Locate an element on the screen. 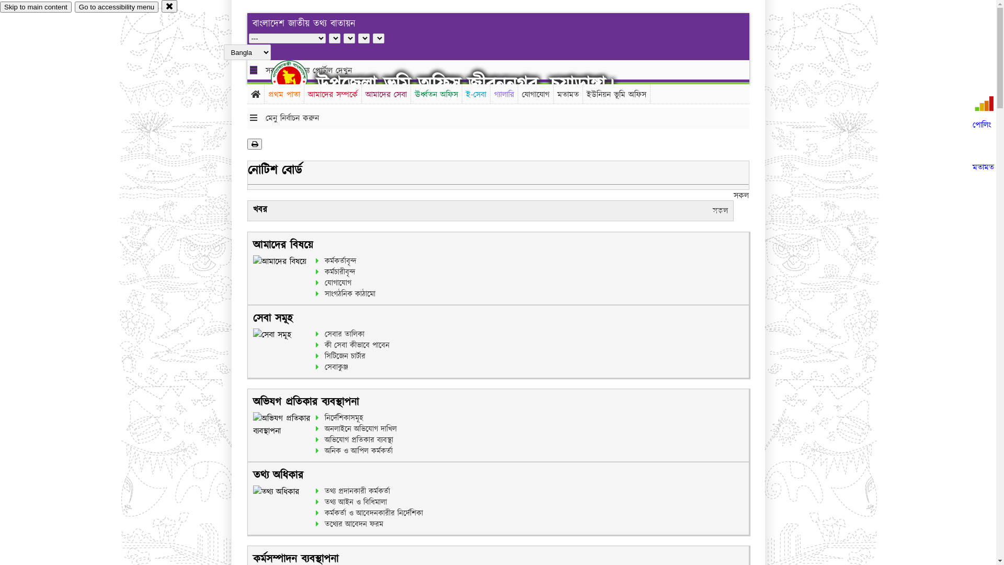 The image size is (1004, 565). ' is located at coordinates (298, 77).